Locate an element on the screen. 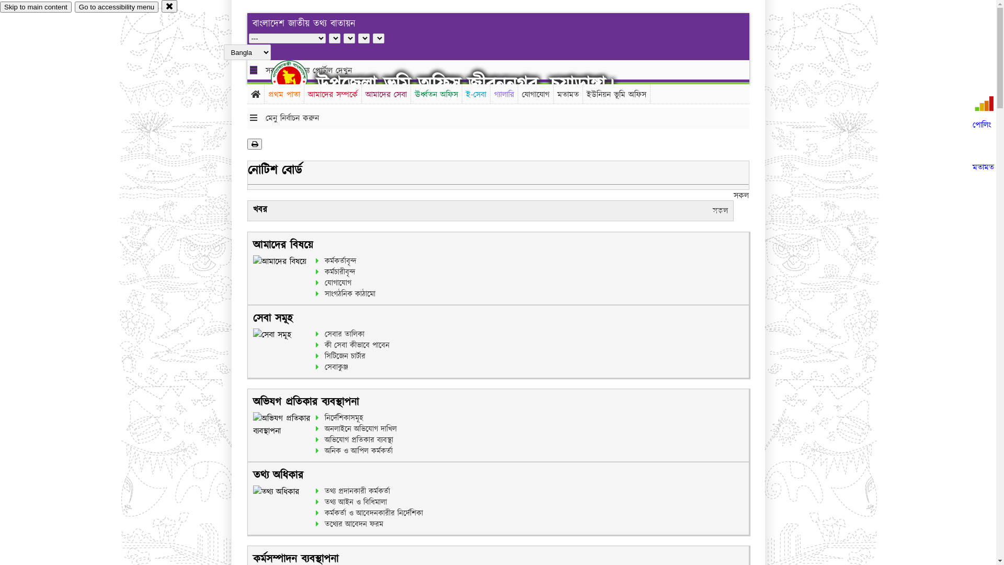 The image size is (1004, 565). ' is located at coordinates (298, 77).